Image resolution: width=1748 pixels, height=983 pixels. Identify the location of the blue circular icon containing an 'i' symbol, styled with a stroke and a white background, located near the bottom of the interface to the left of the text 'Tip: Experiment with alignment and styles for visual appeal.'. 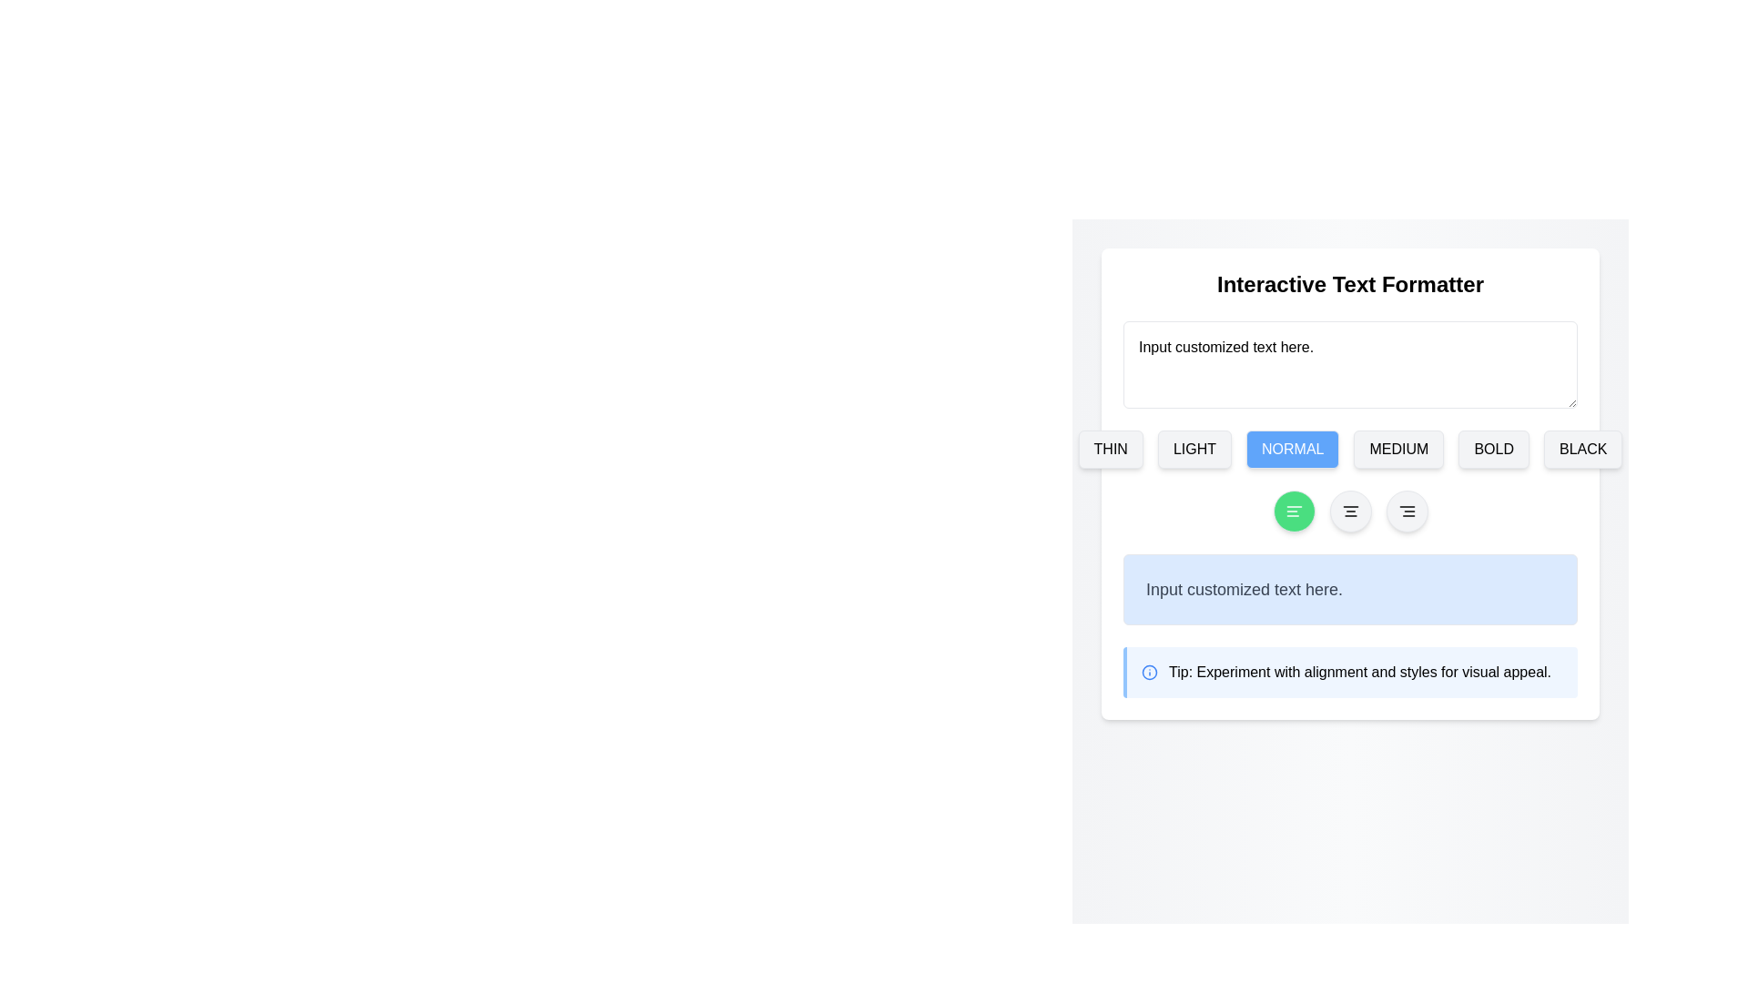
(1148, 673).